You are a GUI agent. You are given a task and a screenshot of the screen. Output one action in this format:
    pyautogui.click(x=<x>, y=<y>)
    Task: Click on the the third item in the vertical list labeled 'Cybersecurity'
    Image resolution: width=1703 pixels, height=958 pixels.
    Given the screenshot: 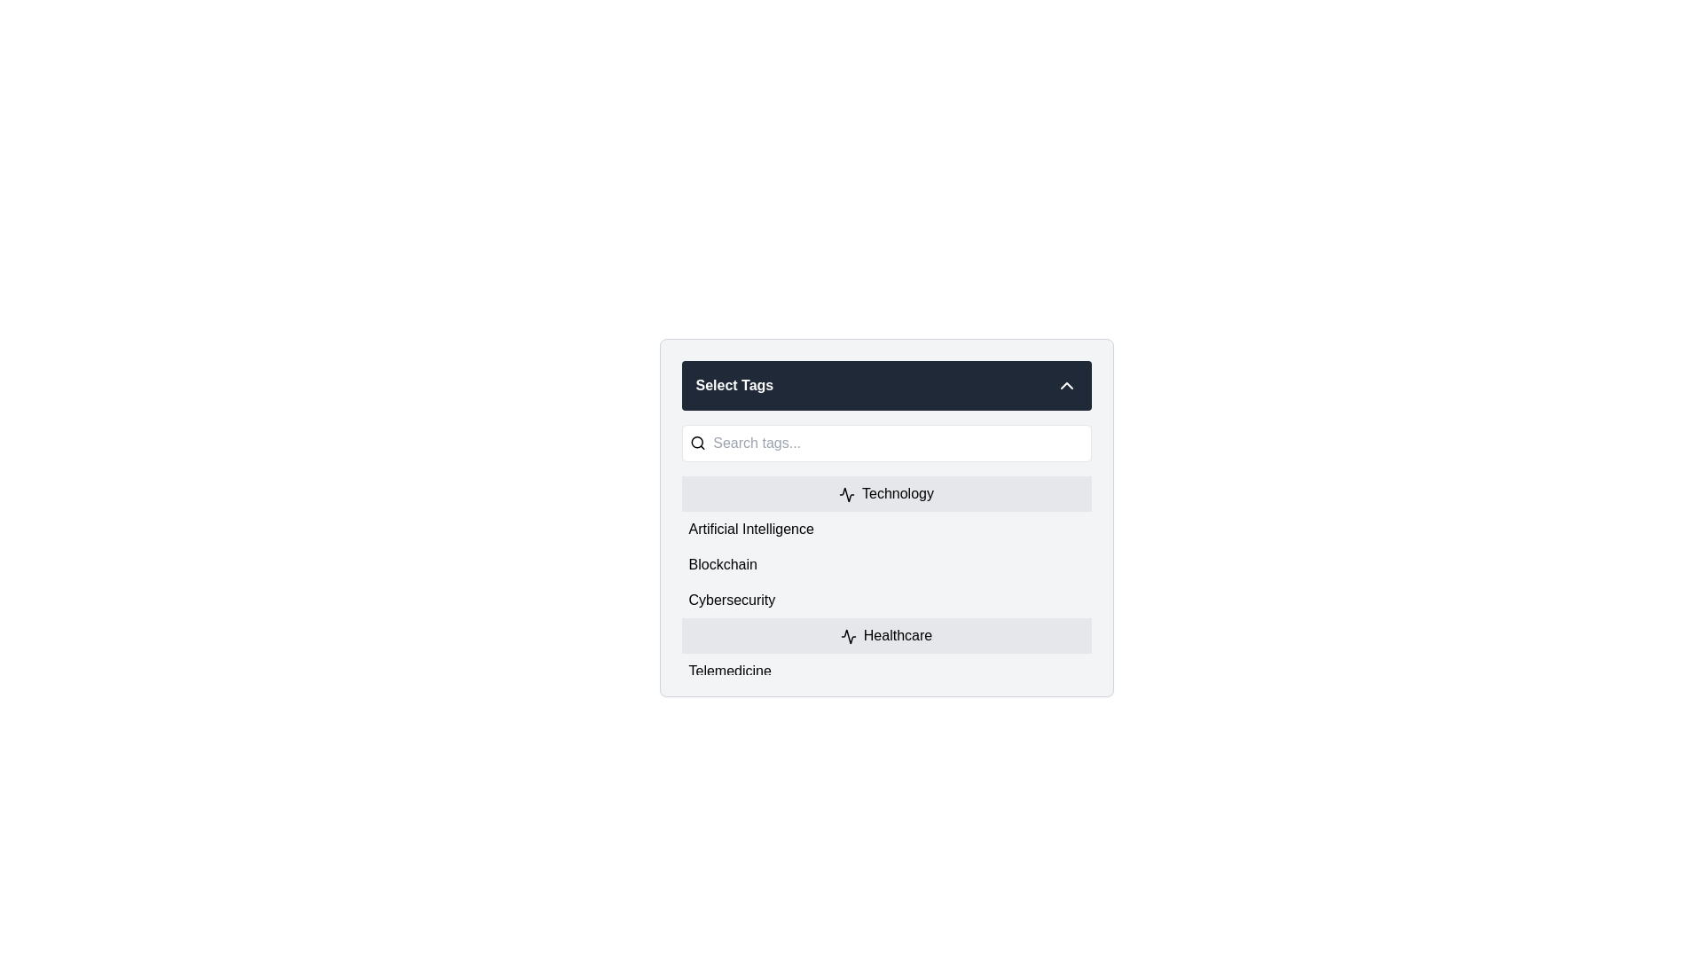 What is the action you would take?
    pyautogui.click(x=886, y=600)
    